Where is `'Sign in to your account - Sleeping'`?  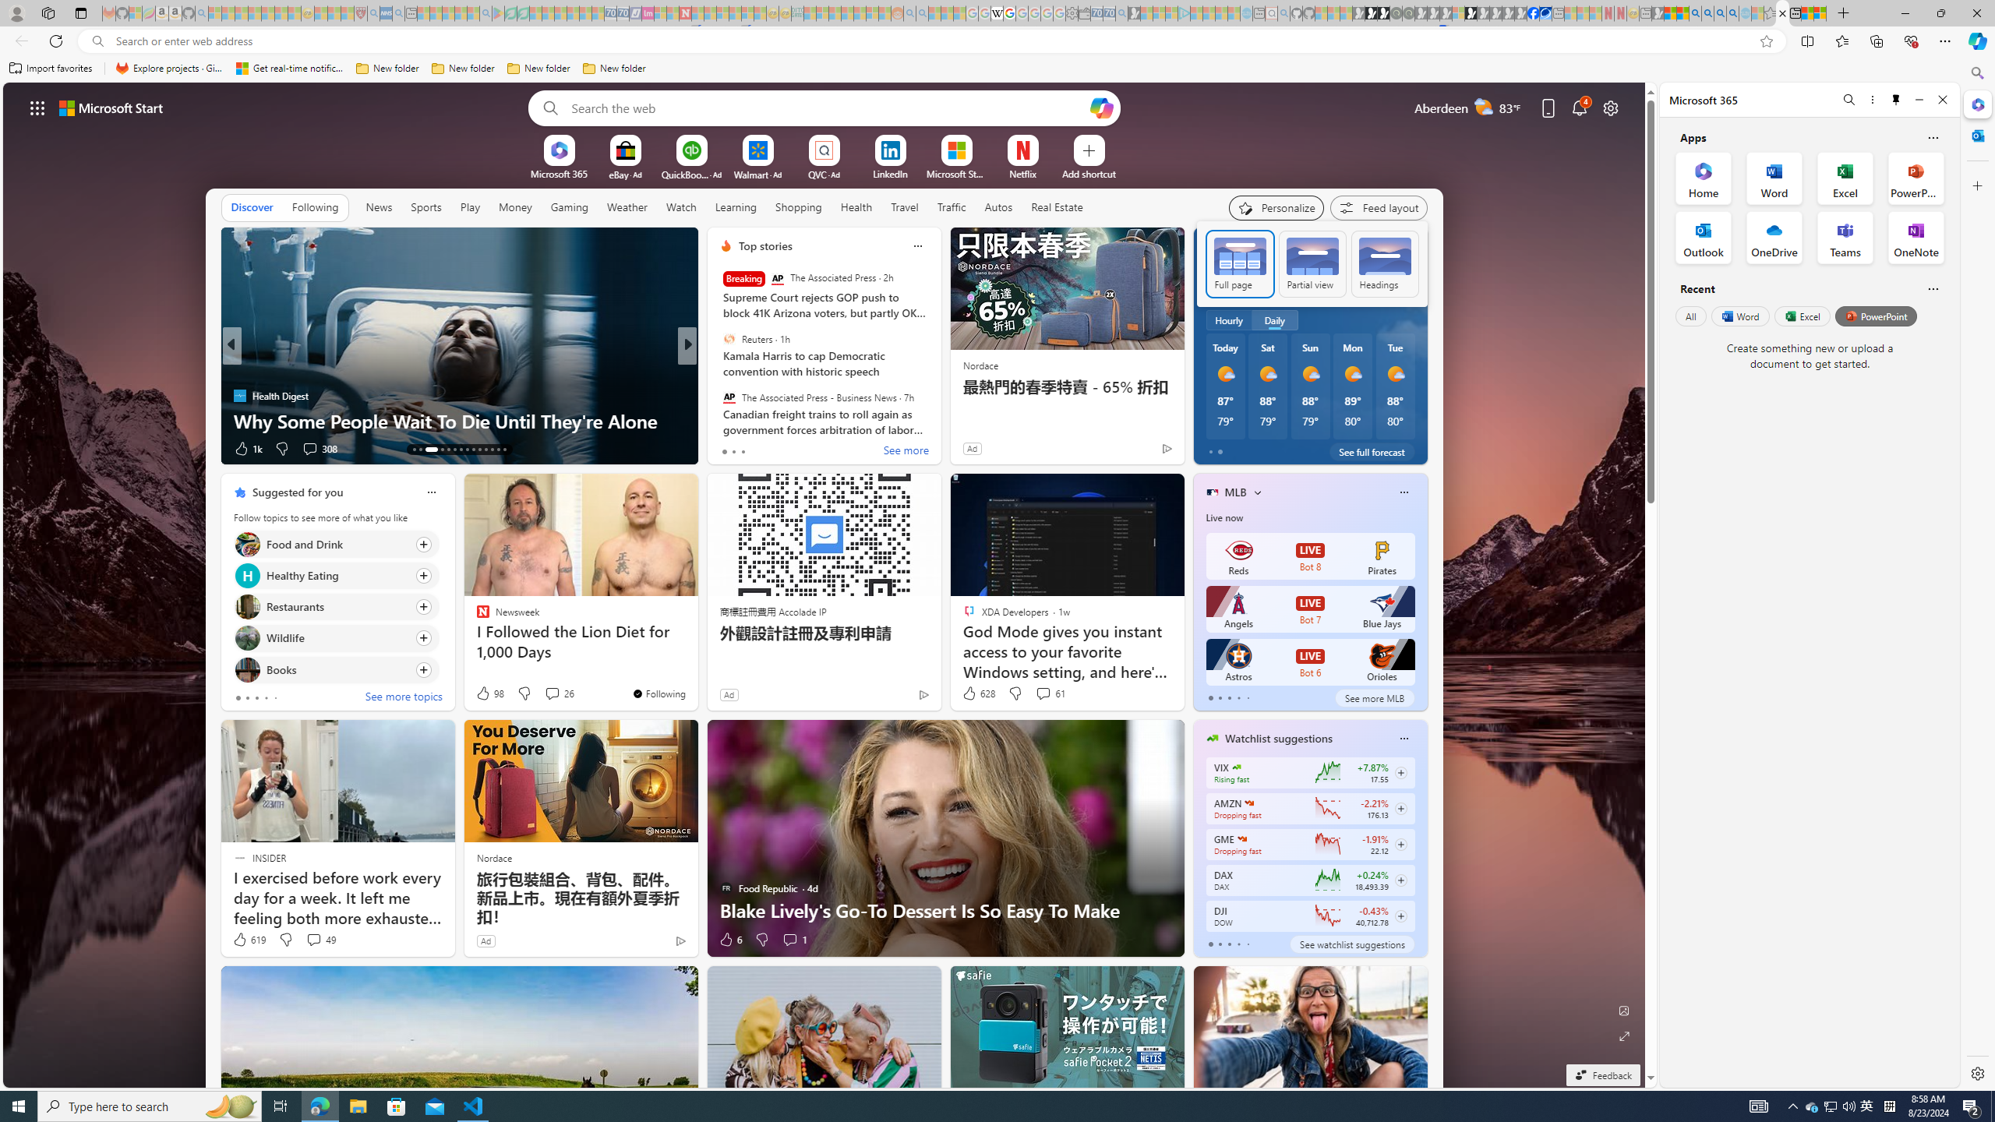
'Sign in to your account - Sleeping' is located at coordinates (1458, 12).